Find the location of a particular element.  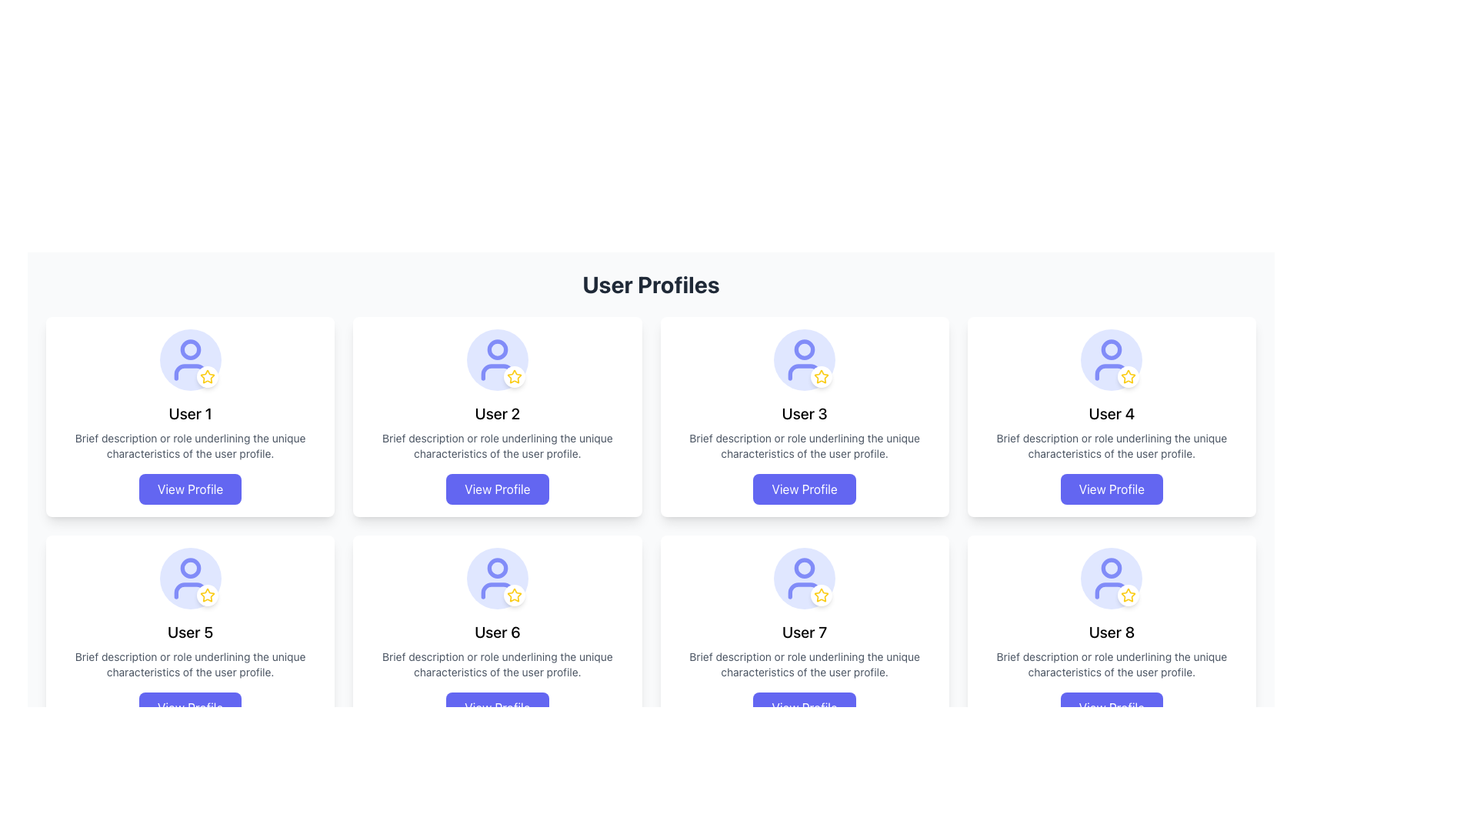

the small circular decorative icon featuring a yellow five-pointed star located at the bottom-right corner of the user profile image in the first user card of the grid layout is located at coordinates (206, 376).